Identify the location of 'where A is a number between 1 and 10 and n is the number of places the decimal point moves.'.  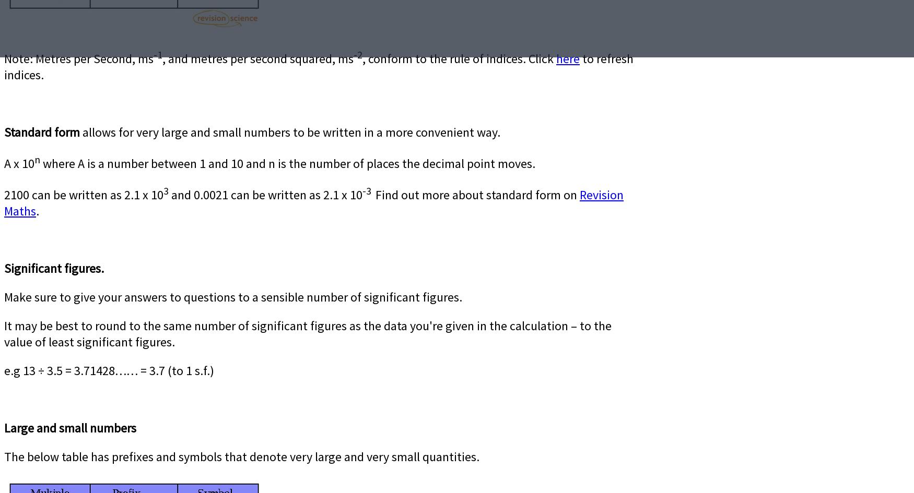
(287, 163).